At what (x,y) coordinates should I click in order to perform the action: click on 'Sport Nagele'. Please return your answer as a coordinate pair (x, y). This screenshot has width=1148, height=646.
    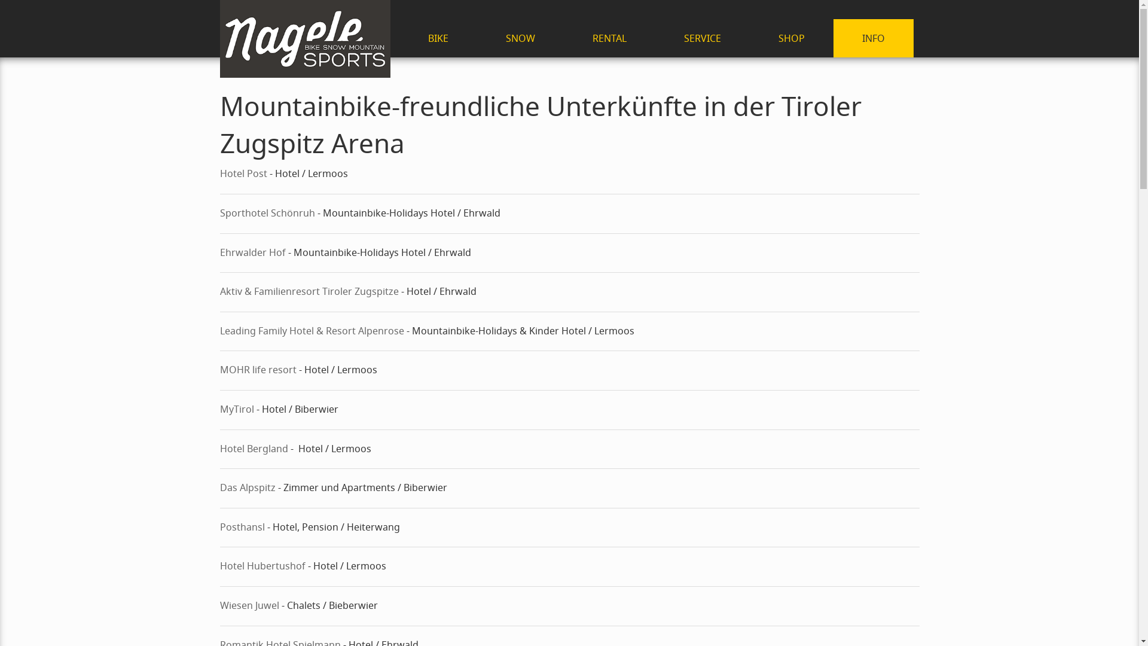
    Looking at the image, I should click on (305, 38).